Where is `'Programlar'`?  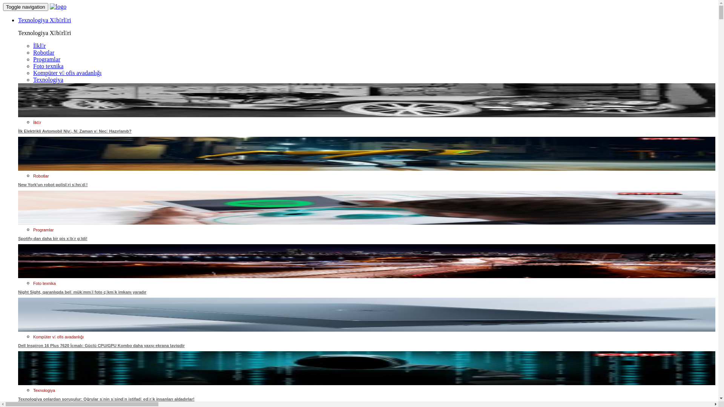
'Programlar' is located at coordinates (32, 229).